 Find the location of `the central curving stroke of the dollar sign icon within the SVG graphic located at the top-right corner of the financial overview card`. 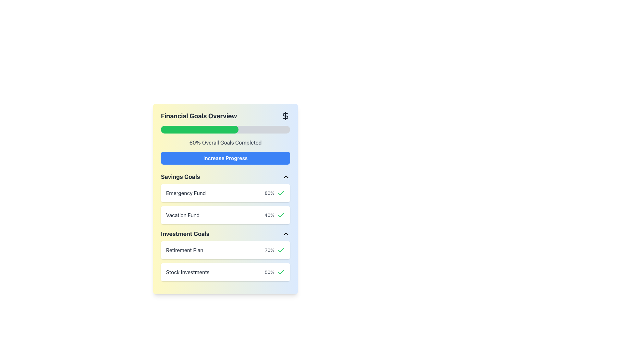

the central curving stroke of the dollar sign icon within the SVG graphic located at the top-right corner of the financial overview card is located at coordinates (285, 116).